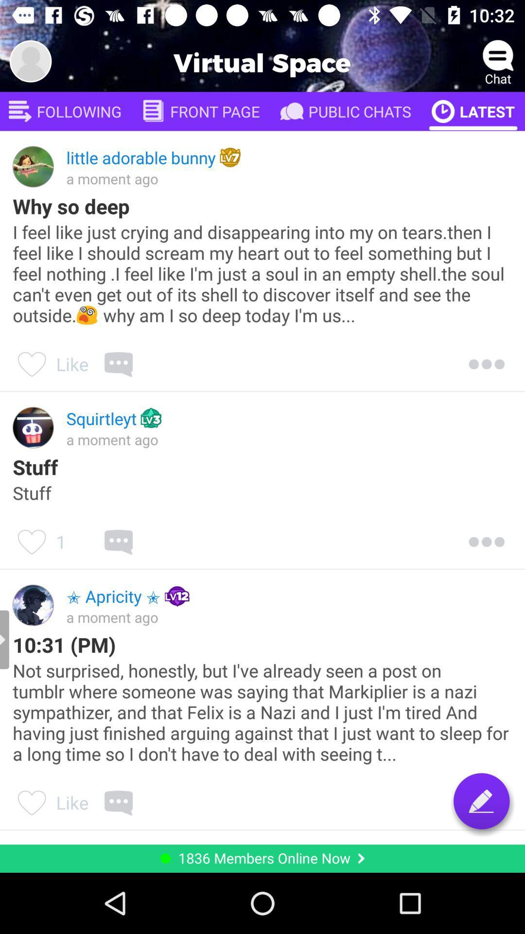 Image resolution: width=525 pixels, height=934 pixels. What do you see at coordinates (481, 801) in the screenshot?
I see `message enter` at bounding box center [481, 801].